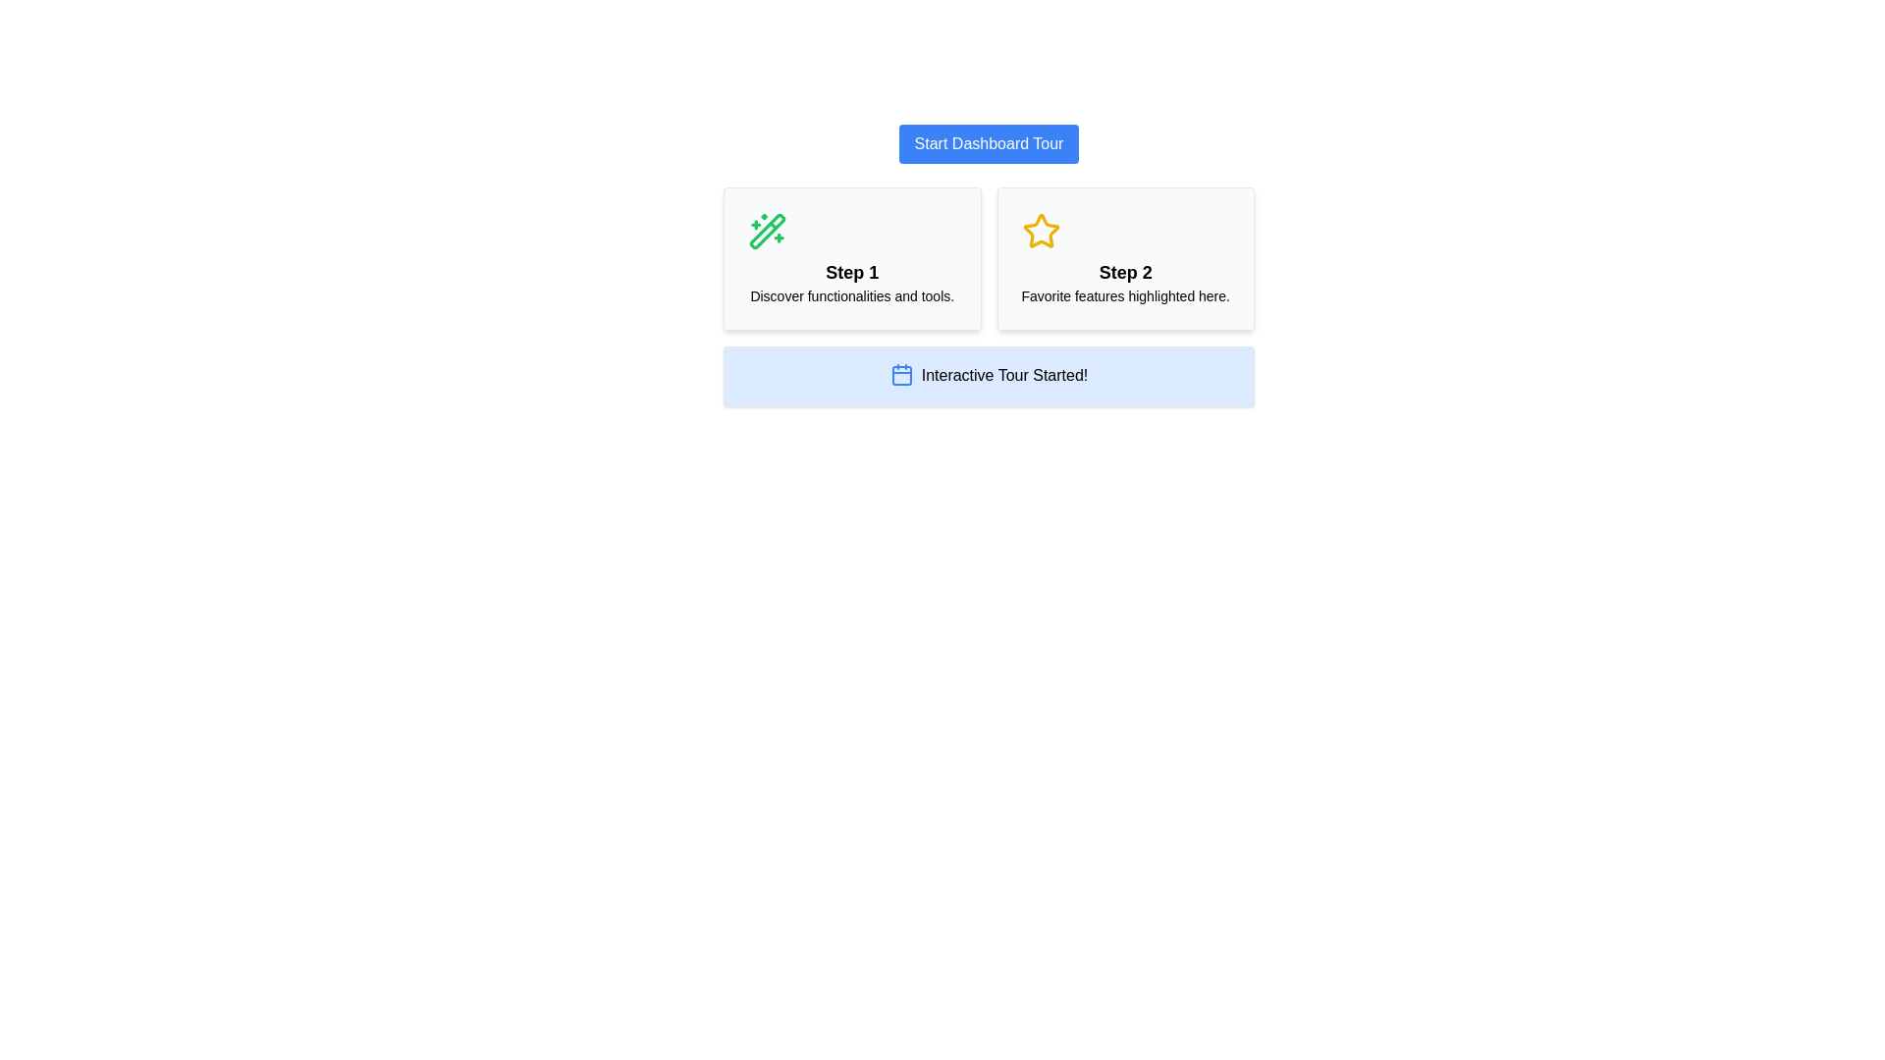 This screenshot has height=1060, width=1885. What do you see at coordinates (852, 295) in the screenshot?
I see `text label displaying 'Discover functionalities and tools.' located within the 'Step 1' card, which is the second text component under the heading` at bounding box center [852, 295].